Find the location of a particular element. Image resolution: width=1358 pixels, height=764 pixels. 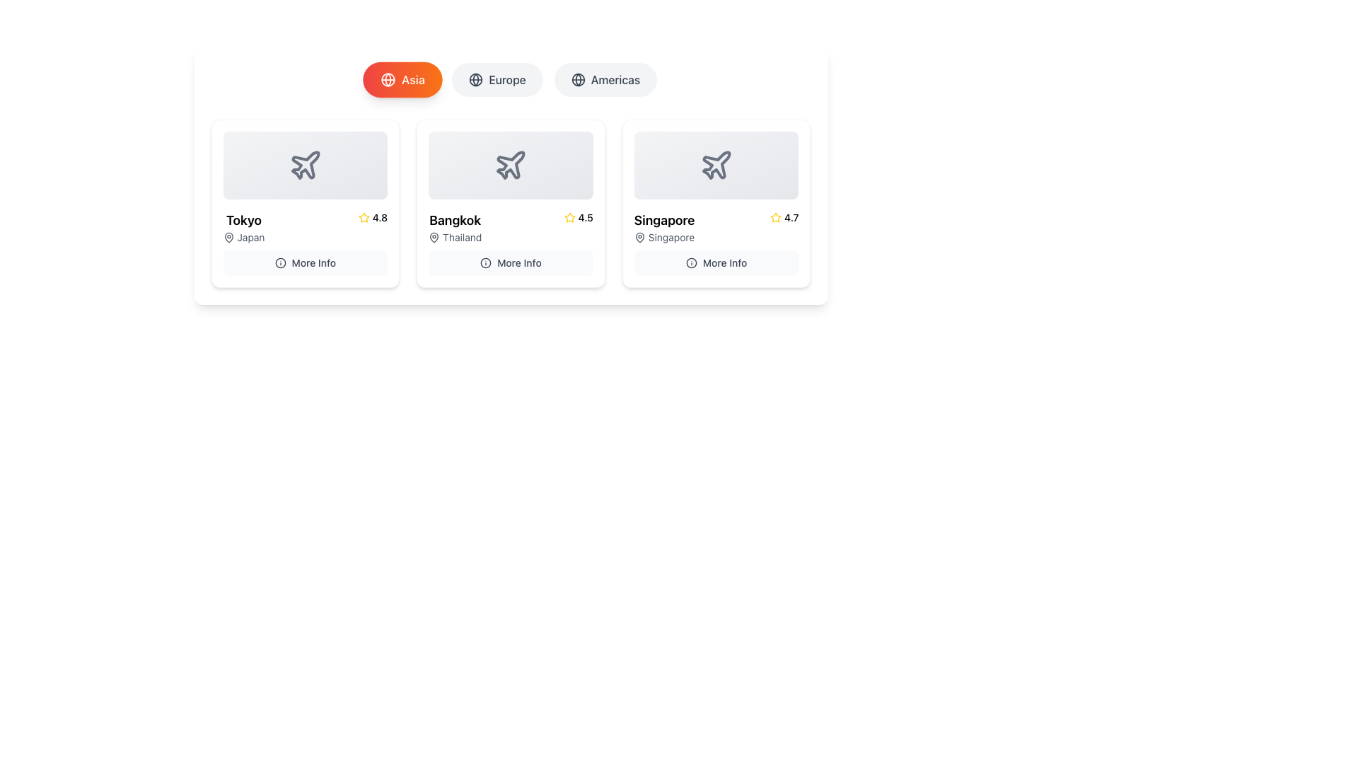

the static text element displaying 'Singapore', which serves as the title for the rightmost card in a series of horizontally arranged cards is located at coordinates (663, 221).